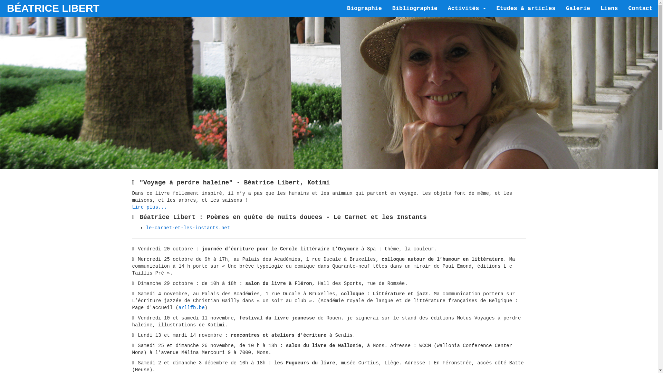 This screenshot has width=663, height=373. Describe the element at coordinates (364, 8) in the screenshot. I see `'Biographie'` at that location.